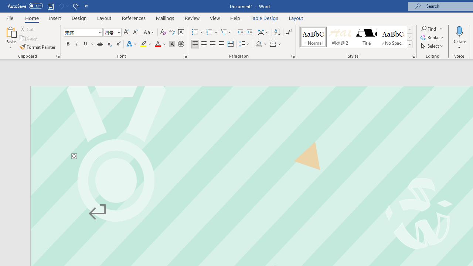 Image resolution: width=473 pixels, height=266 pixels. Describe the element at coordinates (48, 6) in the screenshot. I see `'Quick Access Toolbar'` at that location.